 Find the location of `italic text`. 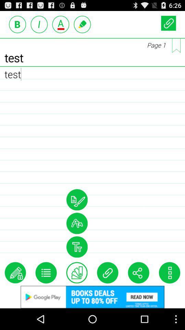

italic text is located at coordinates (39, 24).